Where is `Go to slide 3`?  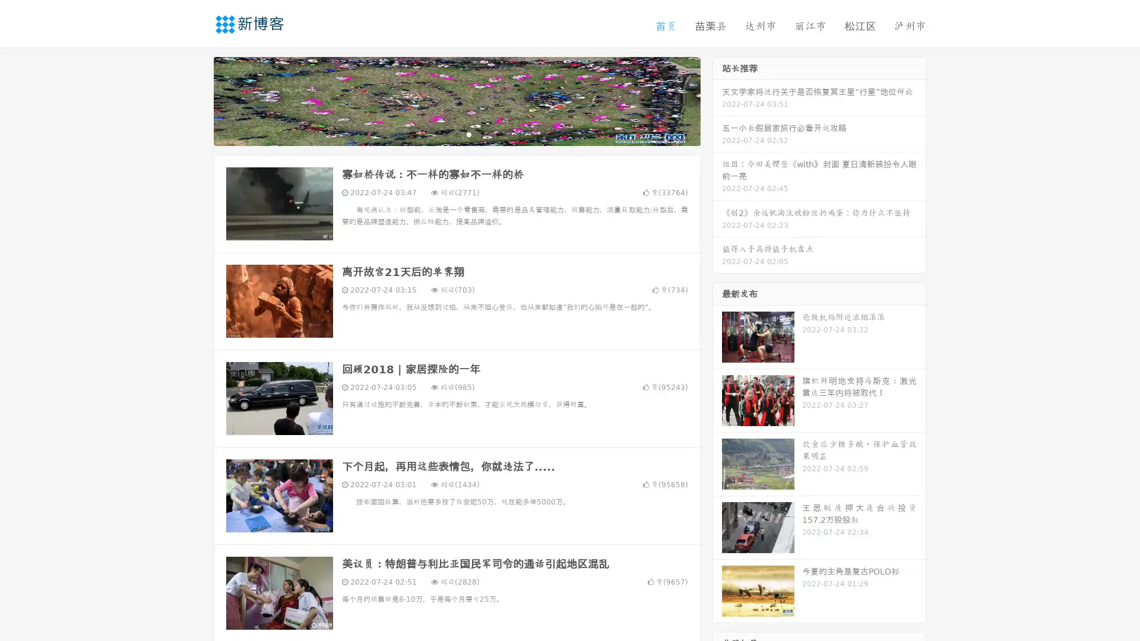
Go to slide 3 is located at coordinates (468, 134).